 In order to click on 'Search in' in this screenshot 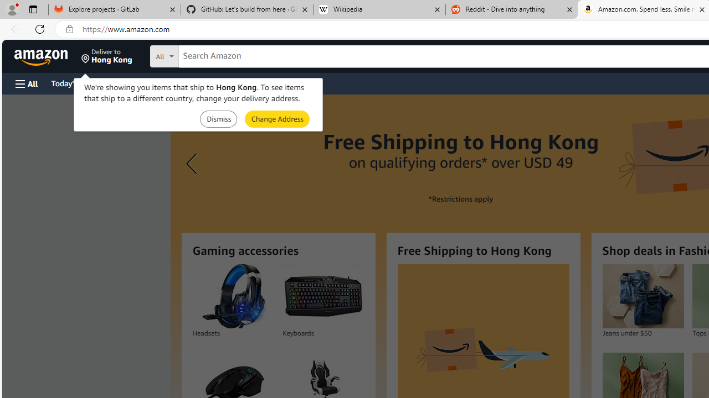, I will do `click(205, 56)`.